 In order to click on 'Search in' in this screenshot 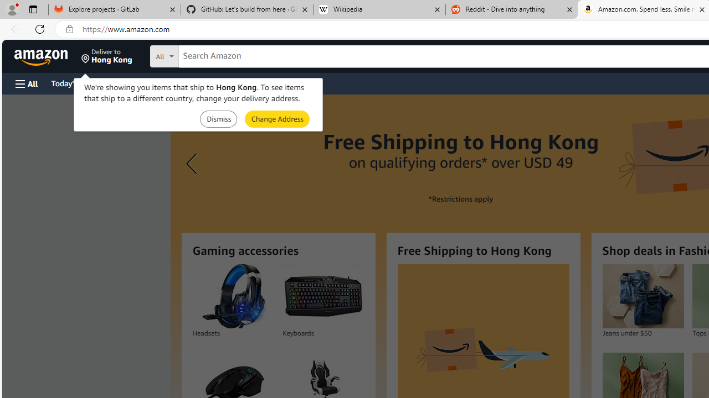, I will do `click(205, 56)`.